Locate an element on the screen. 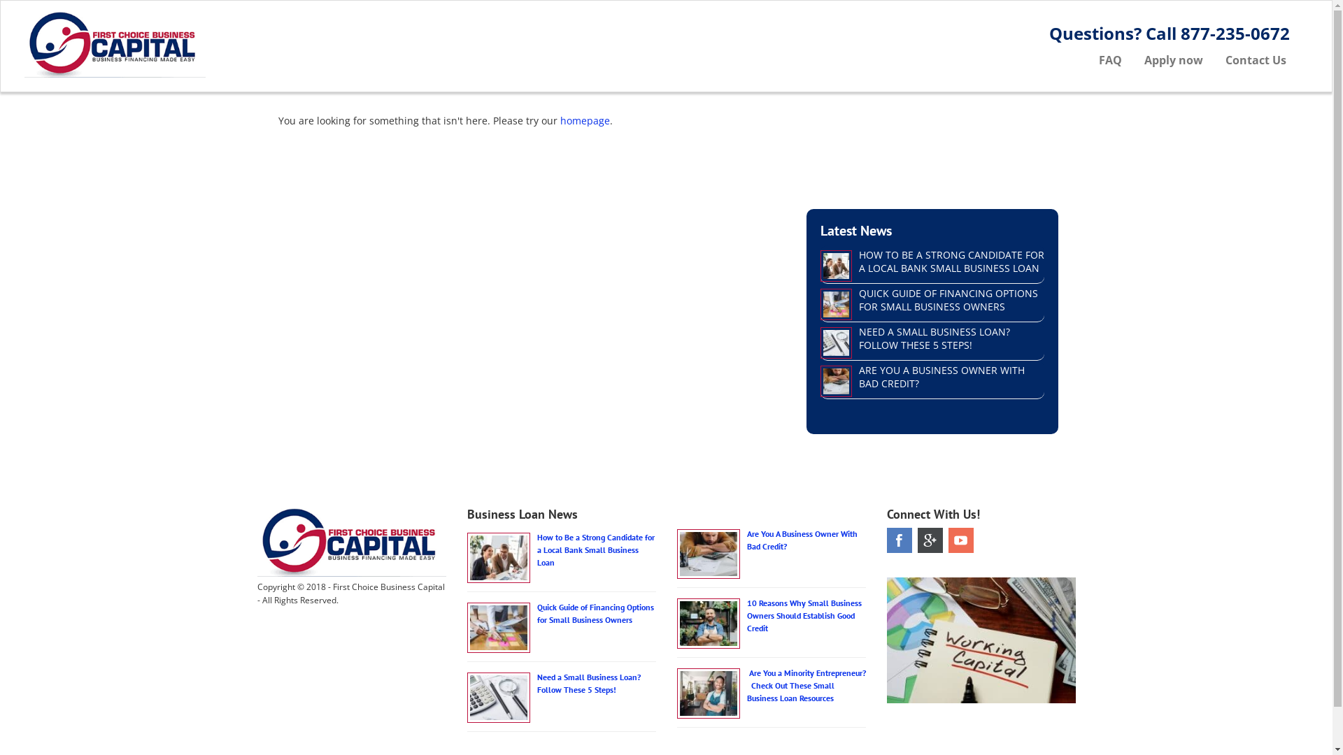 The image size is (1343, 755). 'Facebook' is located at coordinates (900, 539).